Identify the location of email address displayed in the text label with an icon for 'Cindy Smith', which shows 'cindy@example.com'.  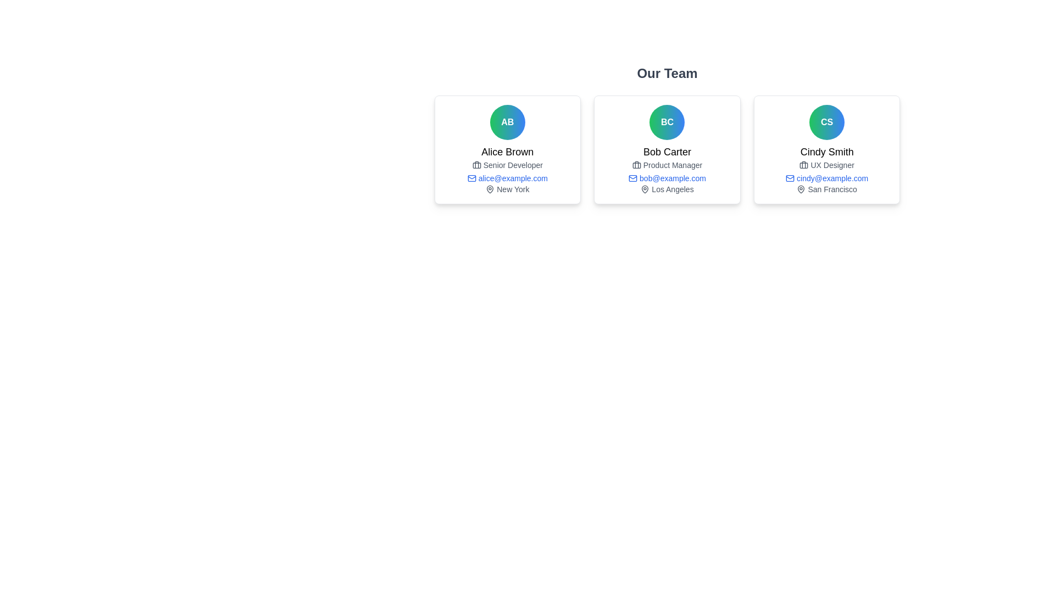
(827, 177).